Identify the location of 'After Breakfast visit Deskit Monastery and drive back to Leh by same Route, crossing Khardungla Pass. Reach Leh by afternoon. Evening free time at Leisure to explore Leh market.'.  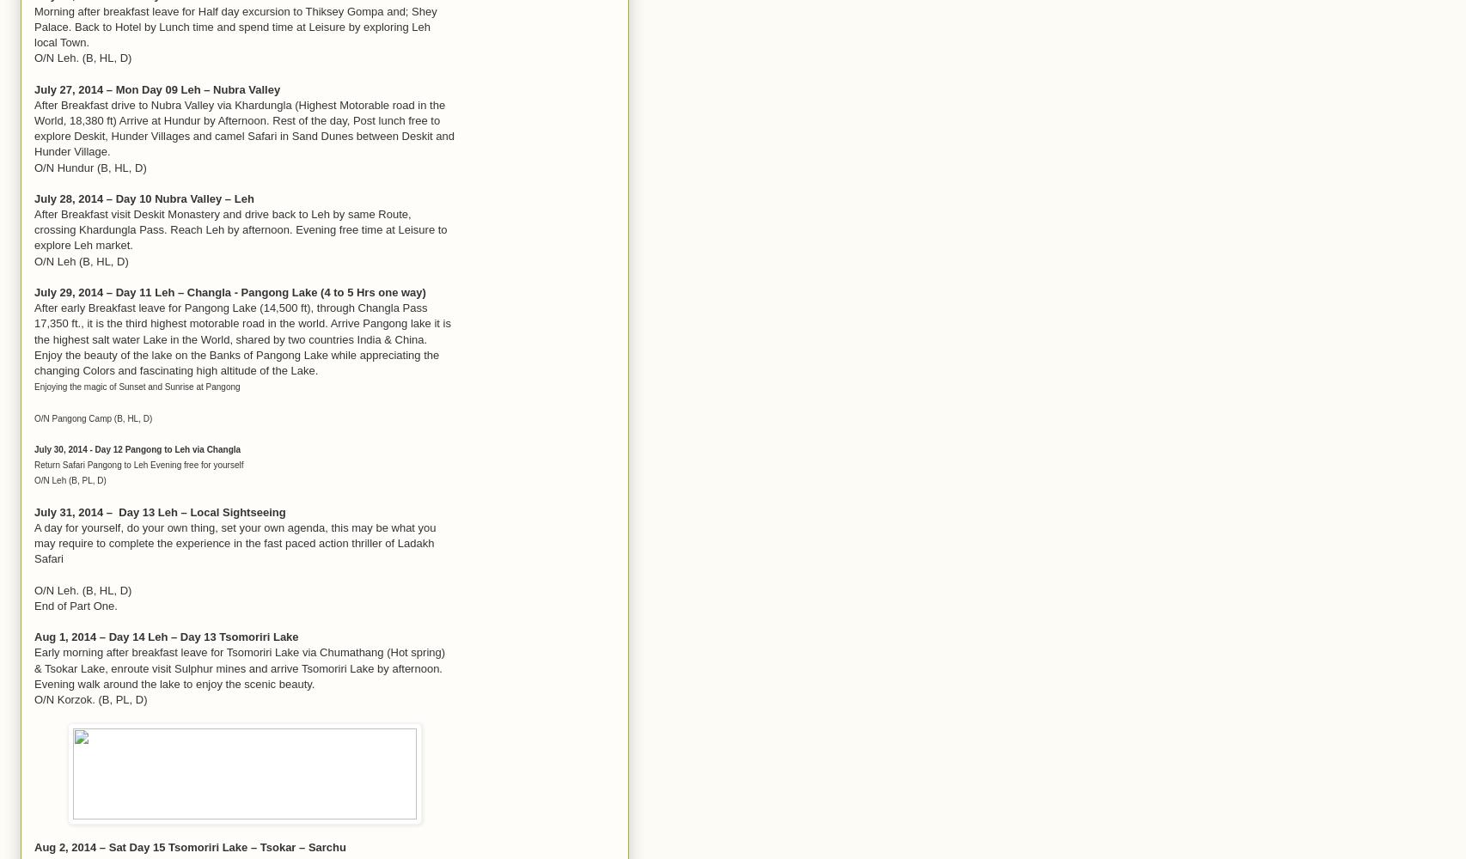
(240, 229).